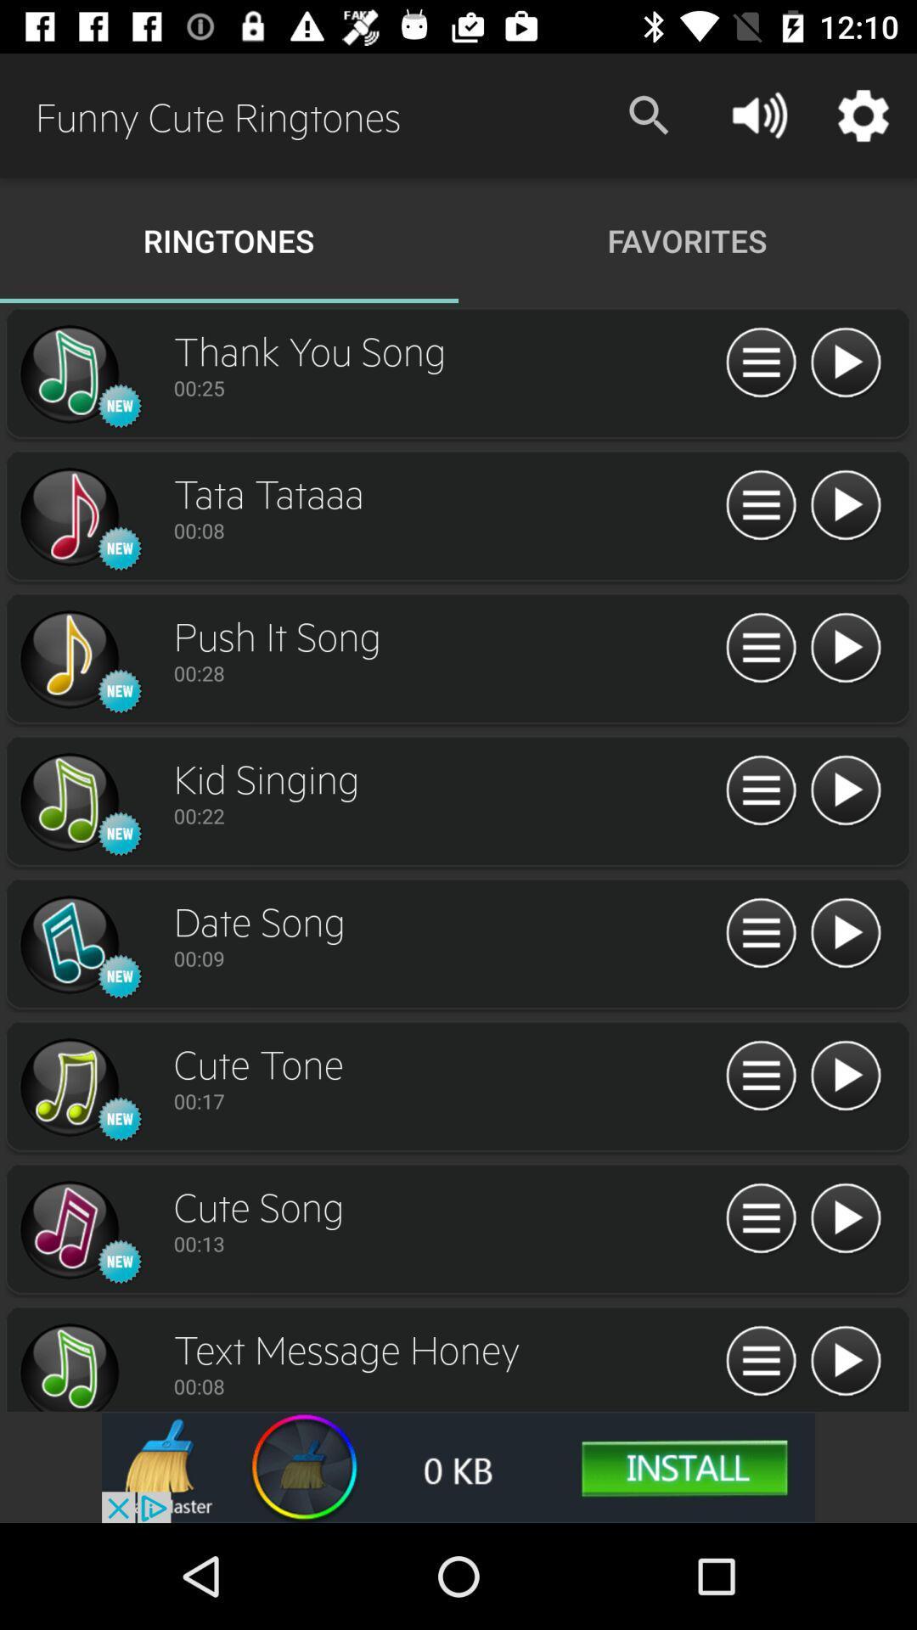 This screenshot has height=1630, width=917. What do you see at coordinates (760, 648) in the screenshot?
I see `options` at bounding box center [760, 648].